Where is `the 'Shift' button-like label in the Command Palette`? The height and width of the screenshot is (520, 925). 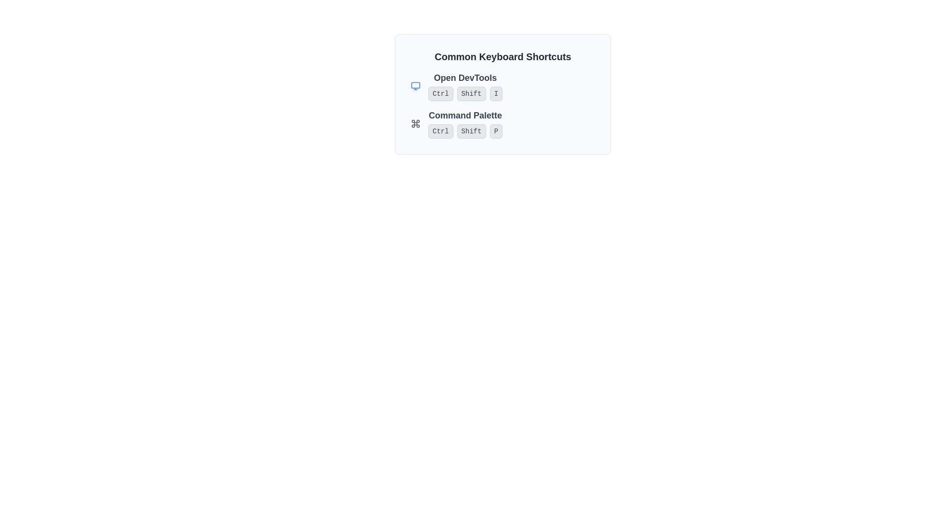
the 'Shift' button-like label in the Command Palette is located at coordinates (471, 131).